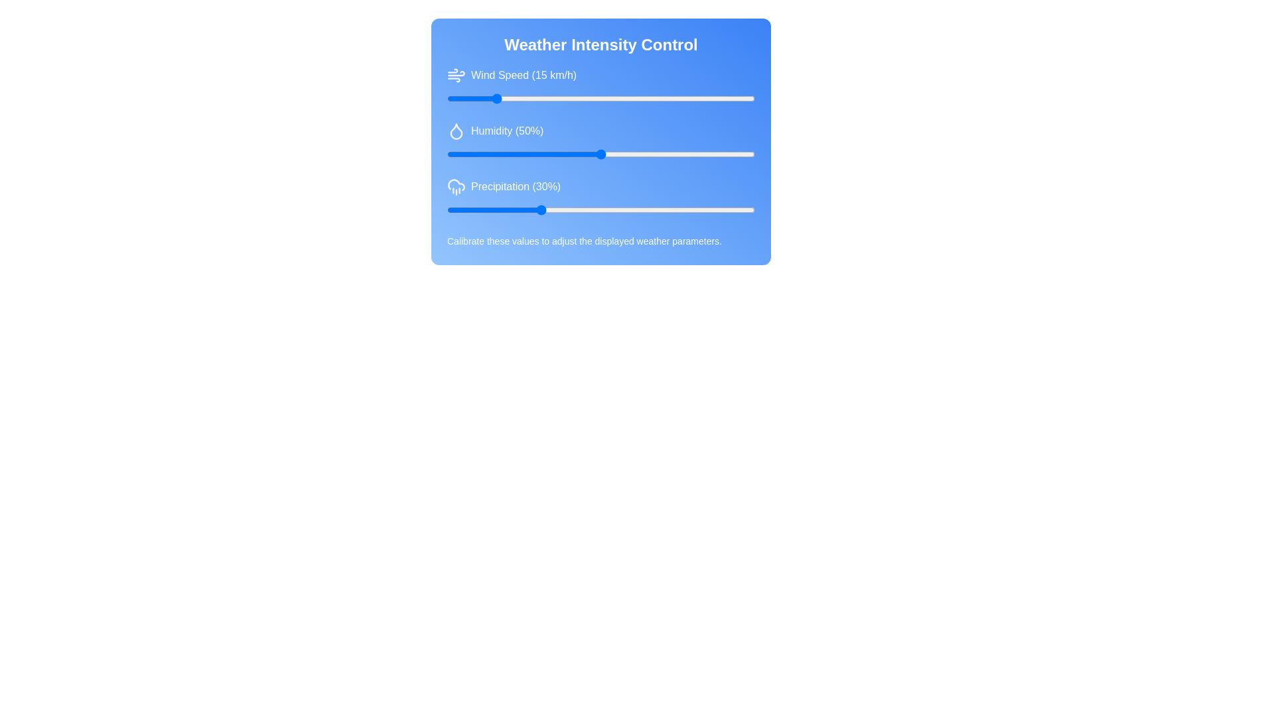 This screenshot has width=1274, height=716. Describe the element at coordinates (695, 153) in the screenshot. I see `the humidity` at that location.